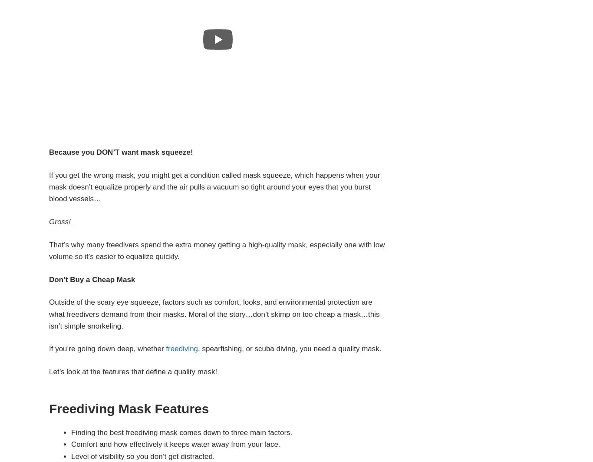 This screenshot has height=462, width=593. What do you see at coordinates (107, 348) in the screenshot?
I see `'If you’re going down deep, whether'` at bounding box center [107, 348].